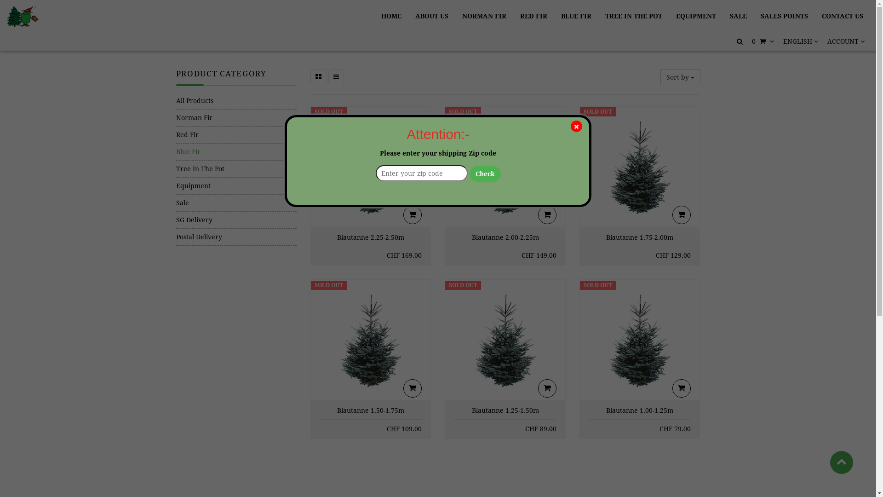 This screenshot has height=497, width=883. What do you see at coordinates (371, 410) in the screenshot?
I see `'Blautanne 1.50-1.75m'` at bounding box center [371, 410].